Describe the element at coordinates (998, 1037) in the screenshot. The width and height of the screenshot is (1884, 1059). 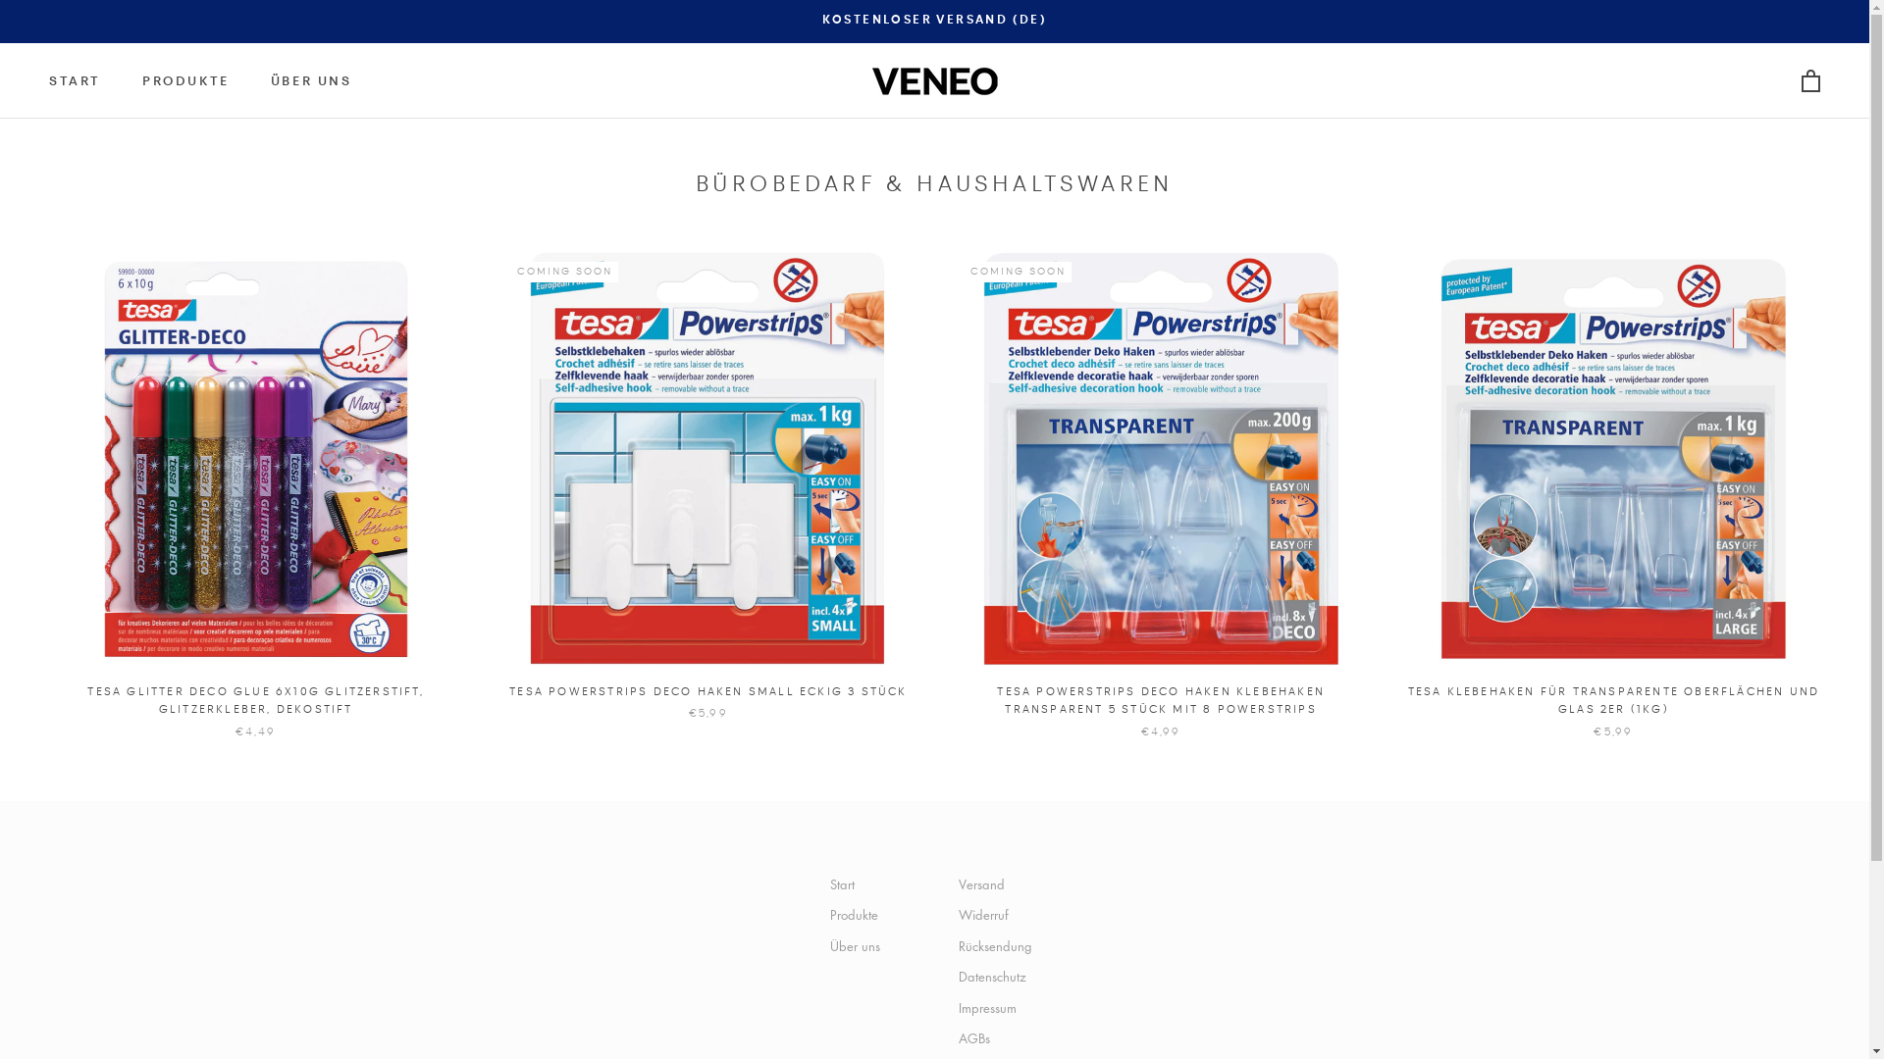
I see `'AGBs'` at that location.